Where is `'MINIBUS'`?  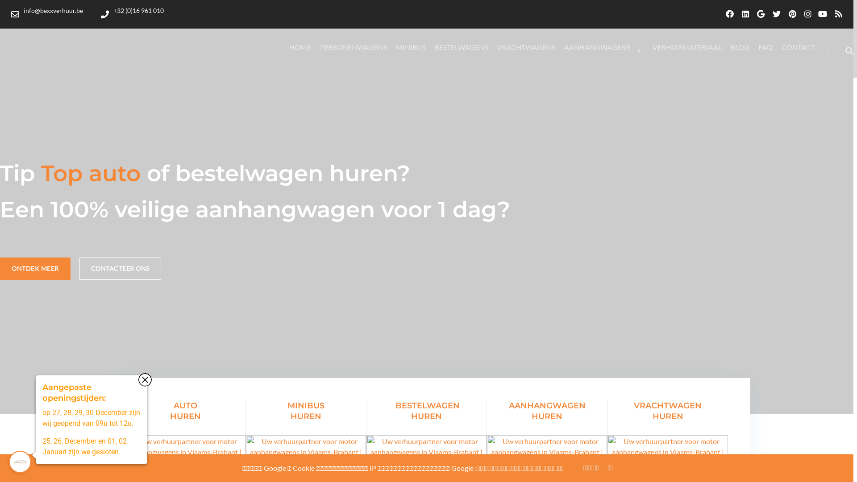
'MINIBUS' is located at coordinates (410, 47).